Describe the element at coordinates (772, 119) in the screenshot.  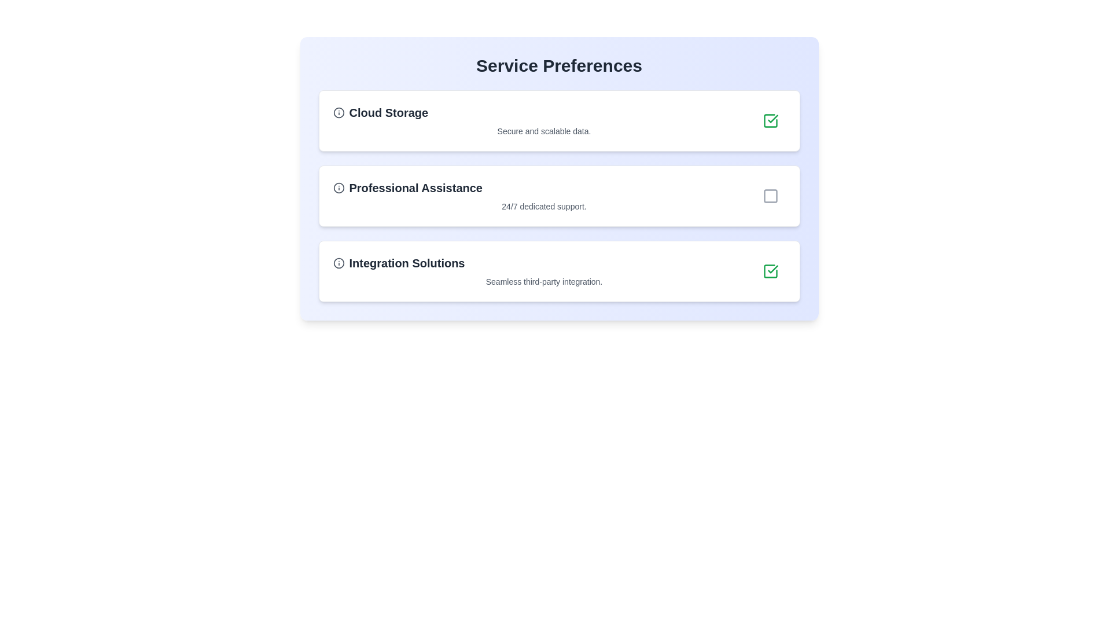
I see `the Cloud Storage icon in the Service Preferences section, which indicates that the Cloud Storage option is selected or enabled` at that location.